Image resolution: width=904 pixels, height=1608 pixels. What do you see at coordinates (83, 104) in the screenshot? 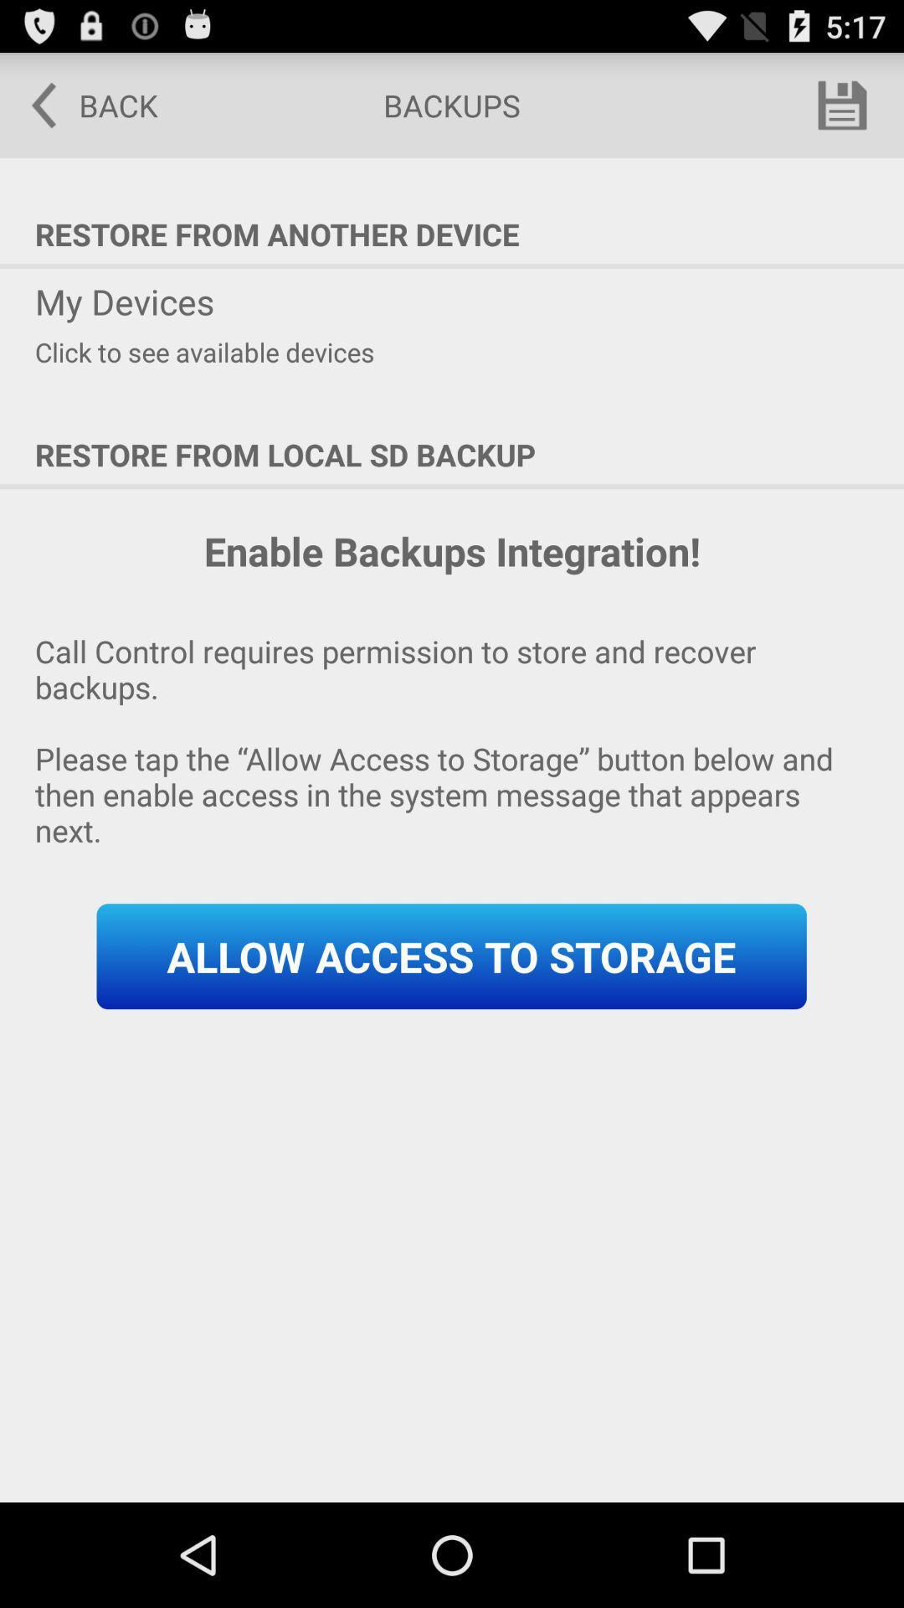
I see `the back icon` at bounding box center [83, 104].